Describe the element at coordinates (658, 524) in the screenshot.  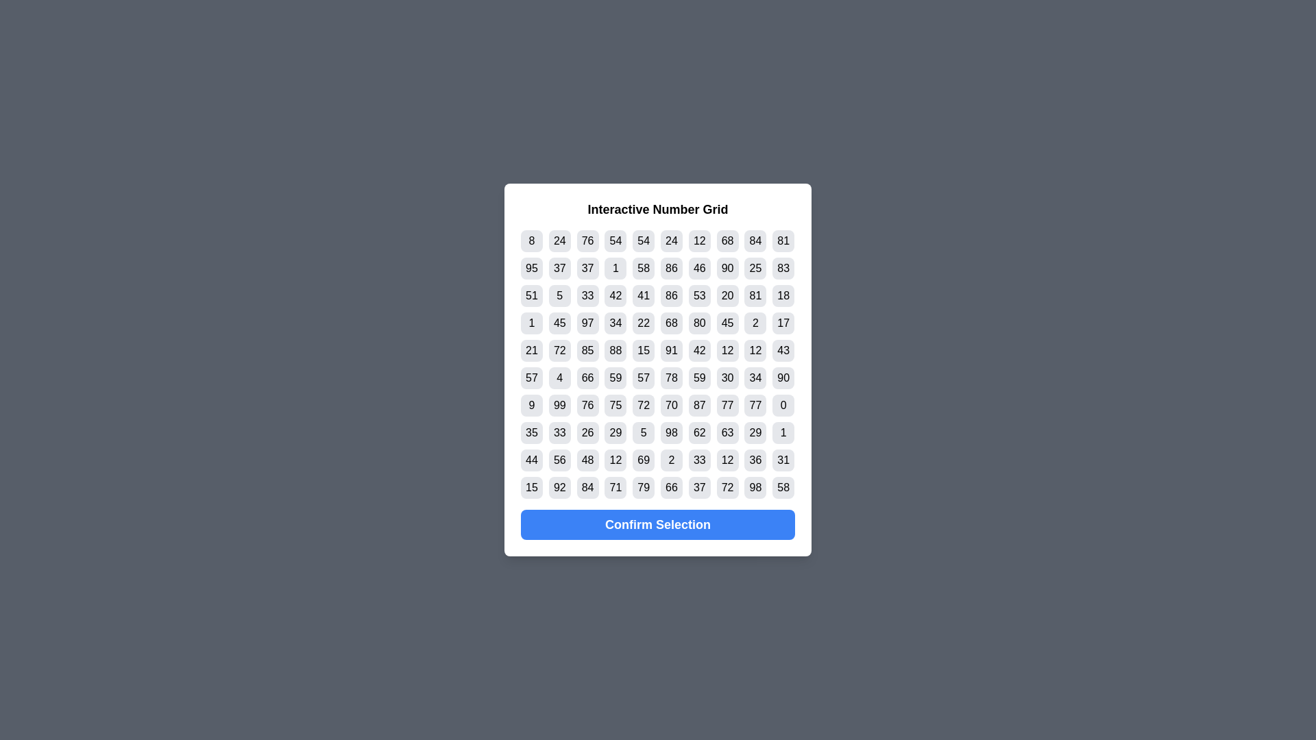
I see `'Confirm Selection' button` at that location.